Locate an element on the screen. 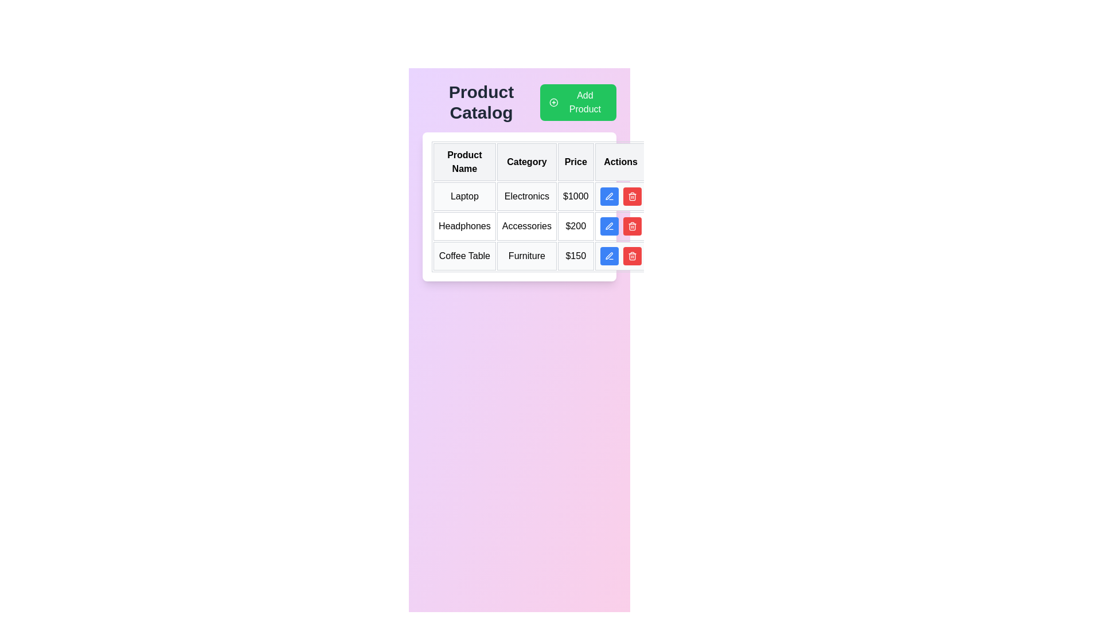 This screenshot has height=619, width=1101. the 'Price' column header cell in the table, which is located in the third column between 'Category' and 'Actions' is located at coordinates (576, 162).